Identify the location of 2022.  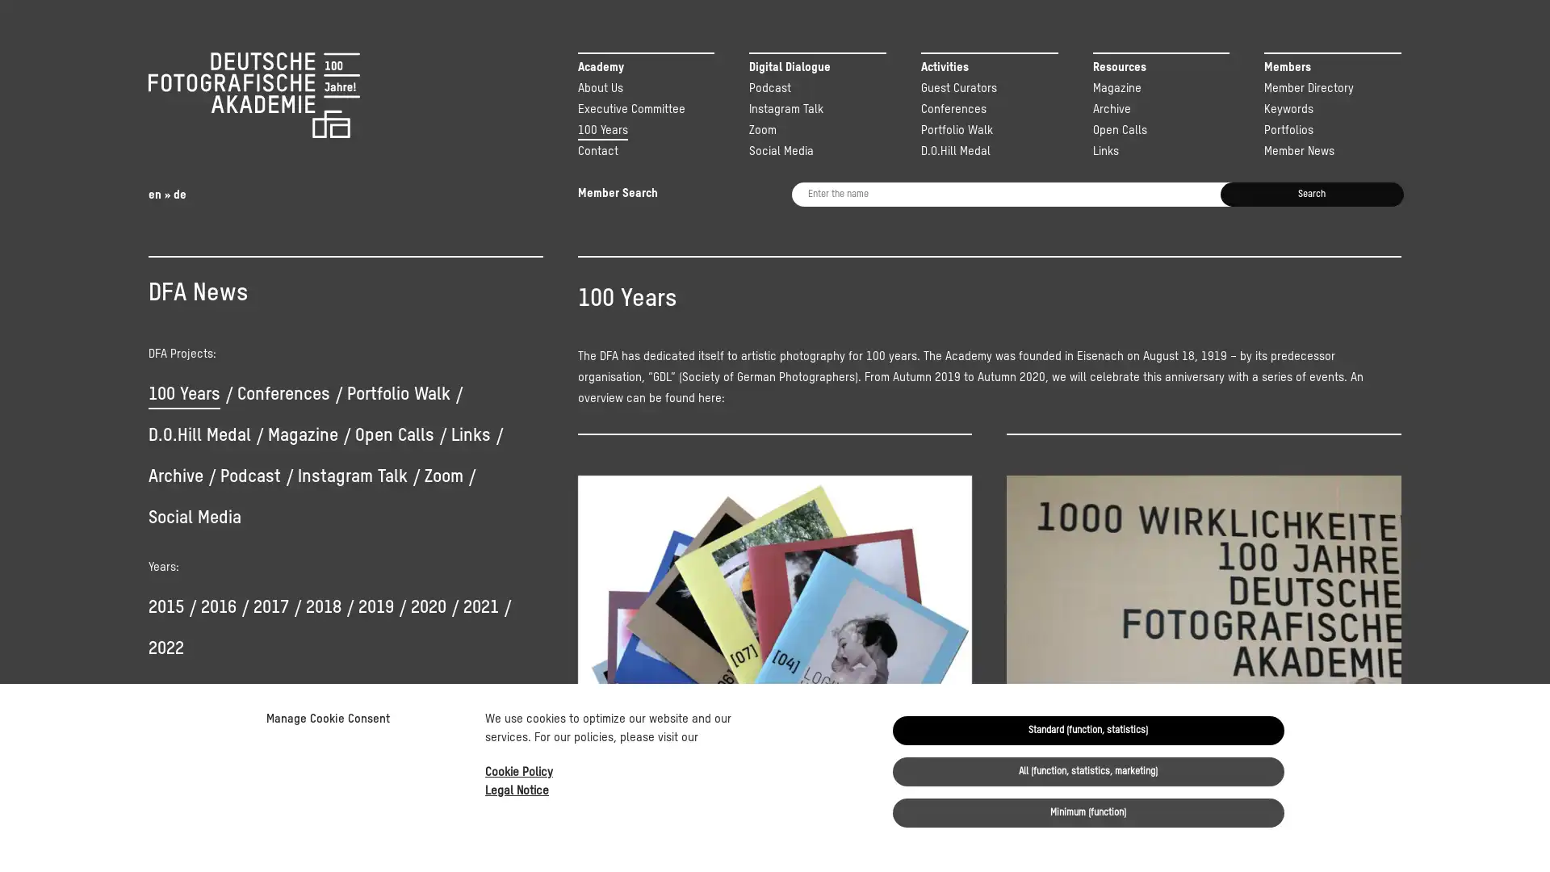
(166, 648).